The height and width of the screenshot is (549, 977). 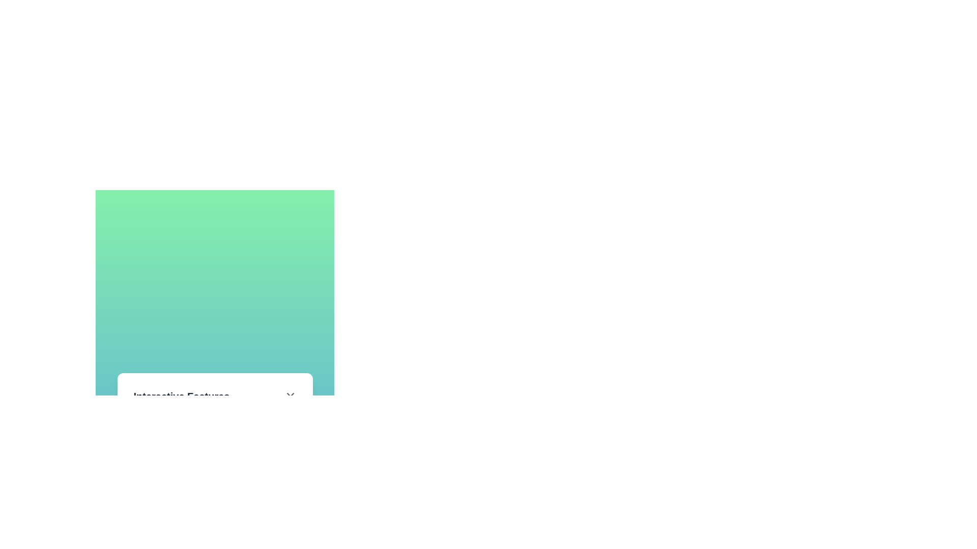 What do you see at coordinates (214, 400) in the screenshot?
I see `the right side icon of the 'Interactive Features' header` at bounding box center [214, 400].